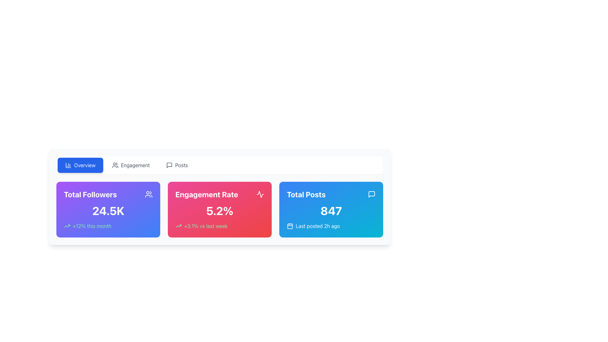  Describe the element at coordinates (177, 165) in the screenshot. I see `the 'Posts' navigation button, which is the third clickable item in the group of buttons located near the top of the interface` at that location.